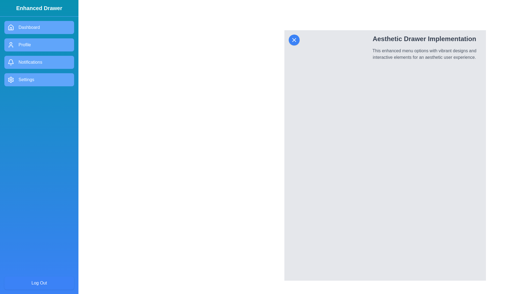 The width and height of the screenshot is (523, 294). Describe the element at coordinates (39, 80) in the screenshot. I see `the bottommost navigation button in the sidebar` at that location.